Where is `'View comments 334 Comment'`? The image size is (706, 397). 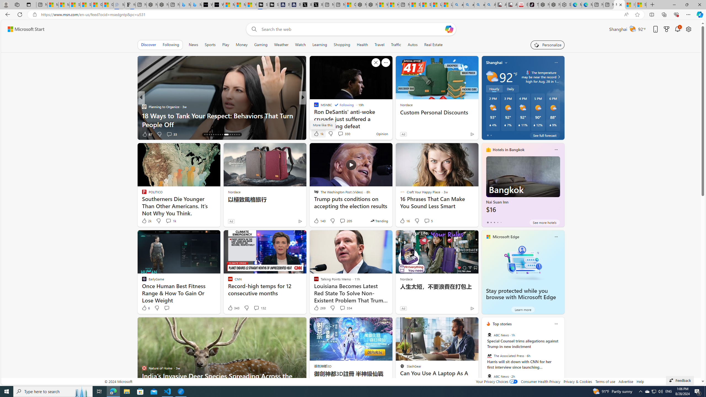
'View comments 334 Comment' is located at coordinates (346, 307).